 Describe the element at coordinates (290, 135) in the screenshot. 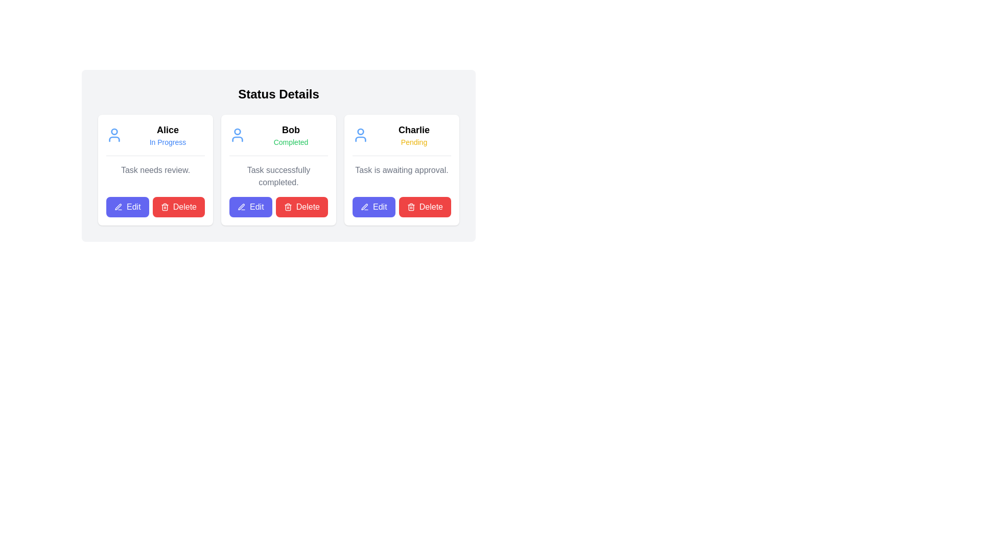

I see `the label or text display that shows the name and status ('Completed') of a task, located in the second column of a three-column layout` at that location.